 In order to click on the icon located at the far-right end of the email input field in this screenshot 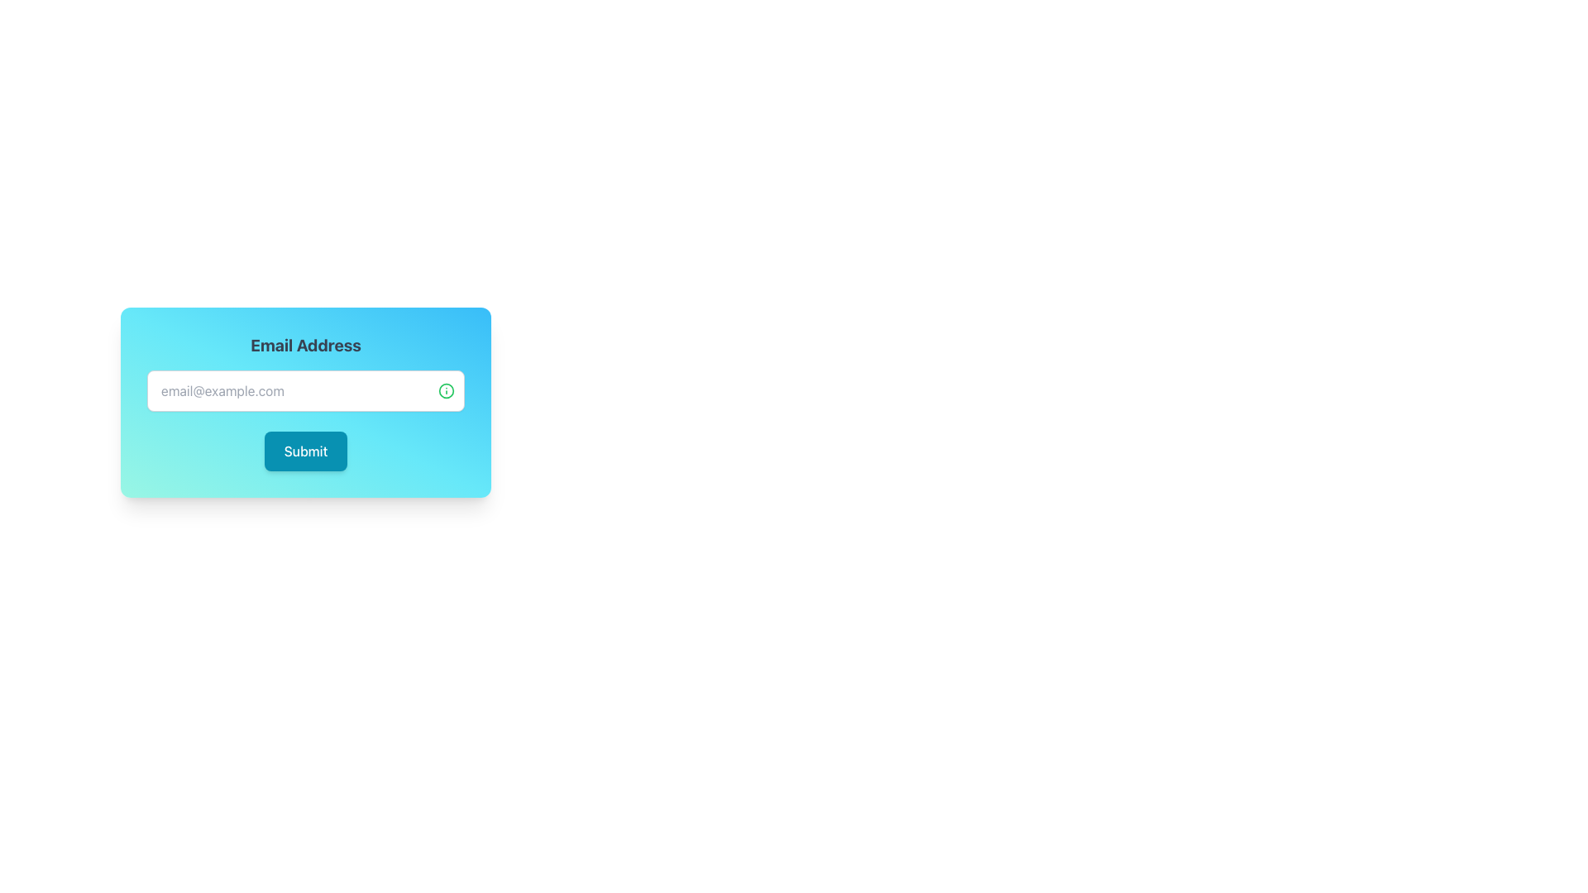, I will do `click(452, 391)`.